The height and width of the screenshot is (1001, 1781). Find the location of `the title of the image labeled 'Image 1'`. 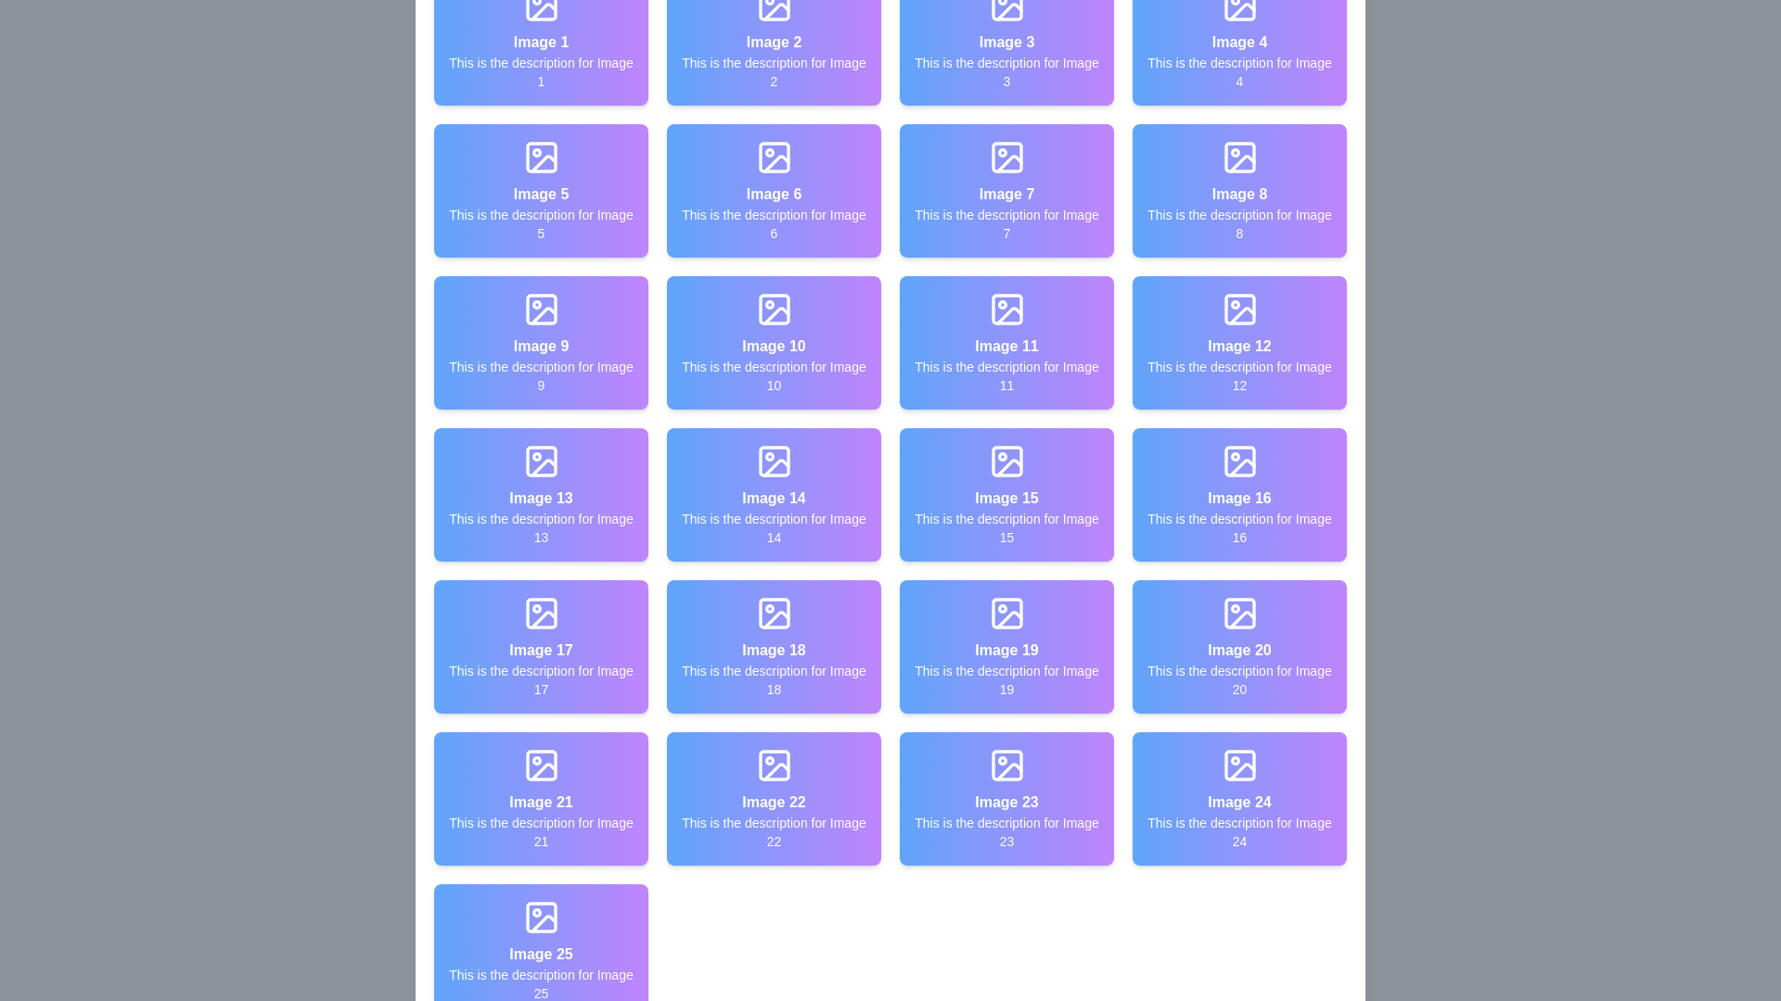

the title of the image labeled 'Image 1' is located at coordinates (540, 42).